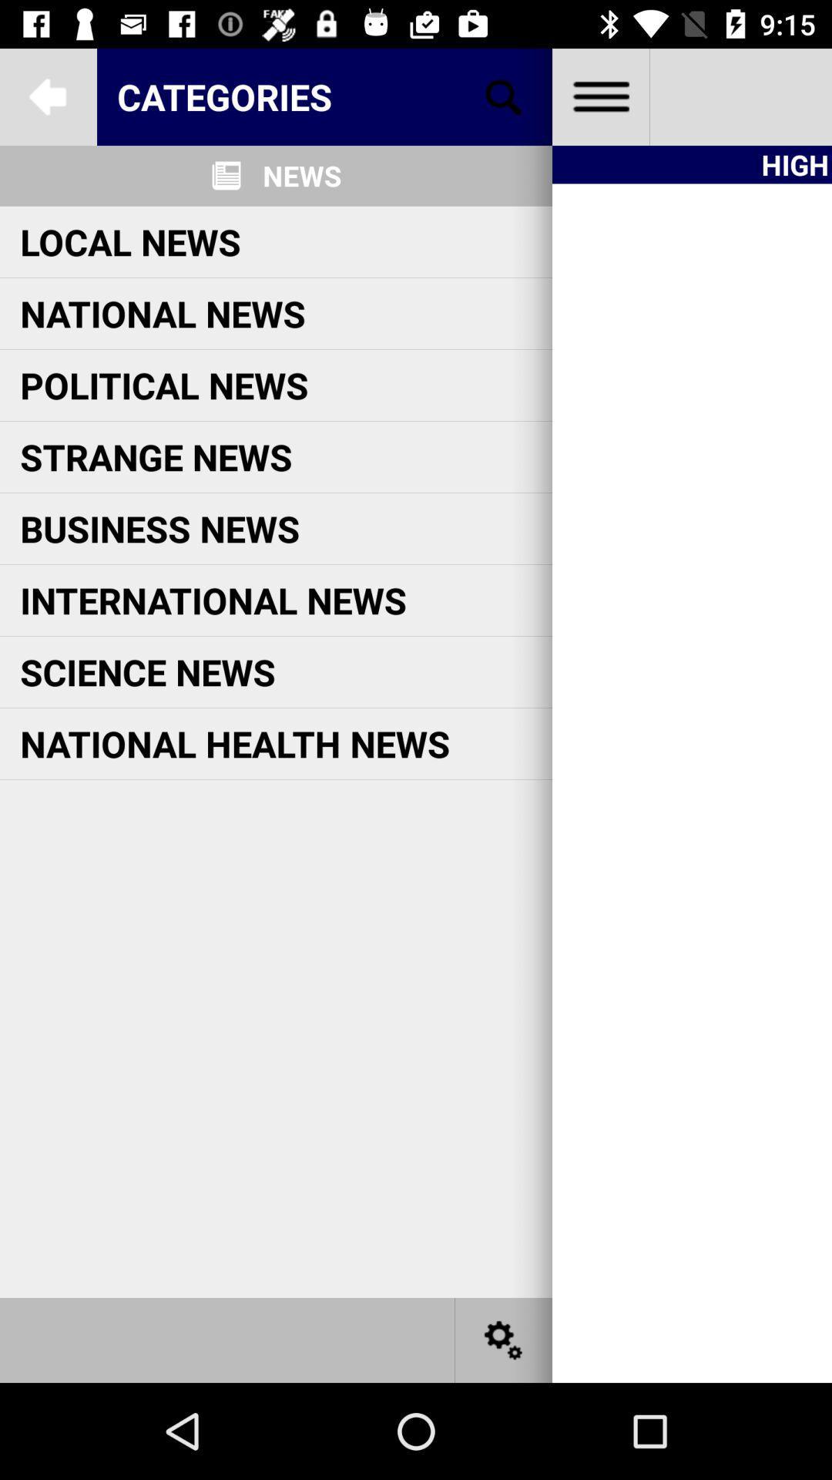 This screenshot has width=832, height=1480. Describe the element at coordinates (504, 1339) in the screenshot. I see `the settings icon` at that location.